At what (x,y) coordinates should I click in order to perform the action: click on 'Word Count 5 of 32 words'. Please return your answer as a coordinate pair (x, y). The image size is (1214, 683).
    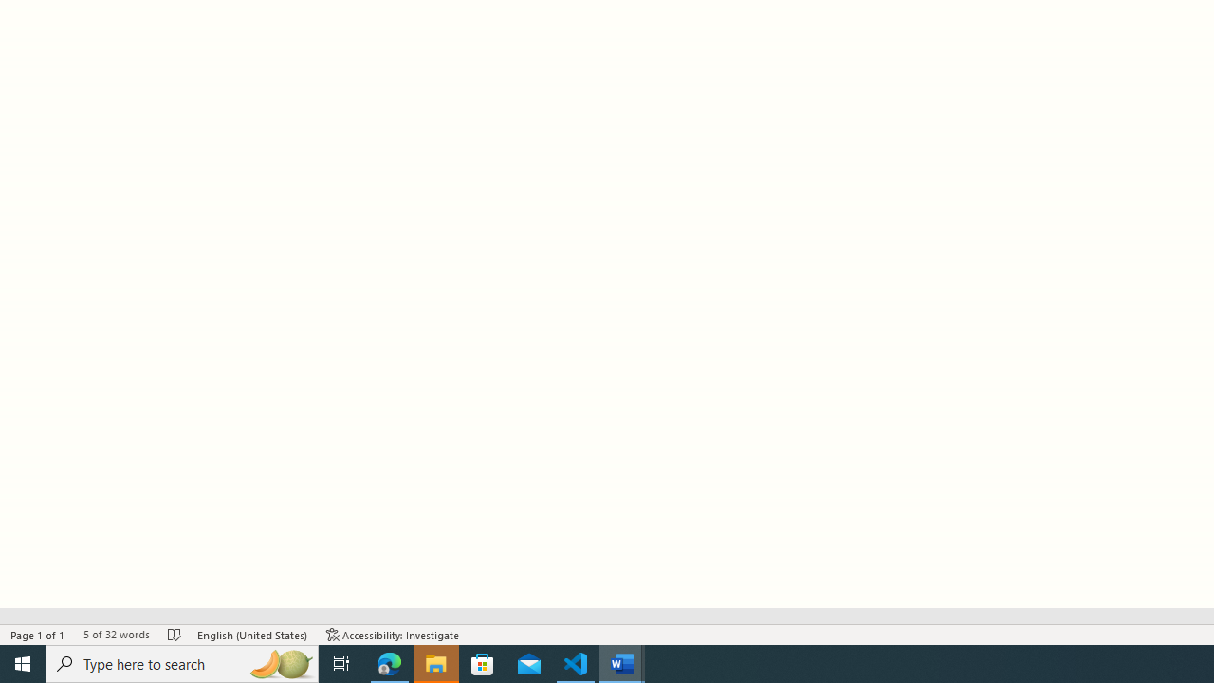
    Looking at the image, I should click on (115, 635).